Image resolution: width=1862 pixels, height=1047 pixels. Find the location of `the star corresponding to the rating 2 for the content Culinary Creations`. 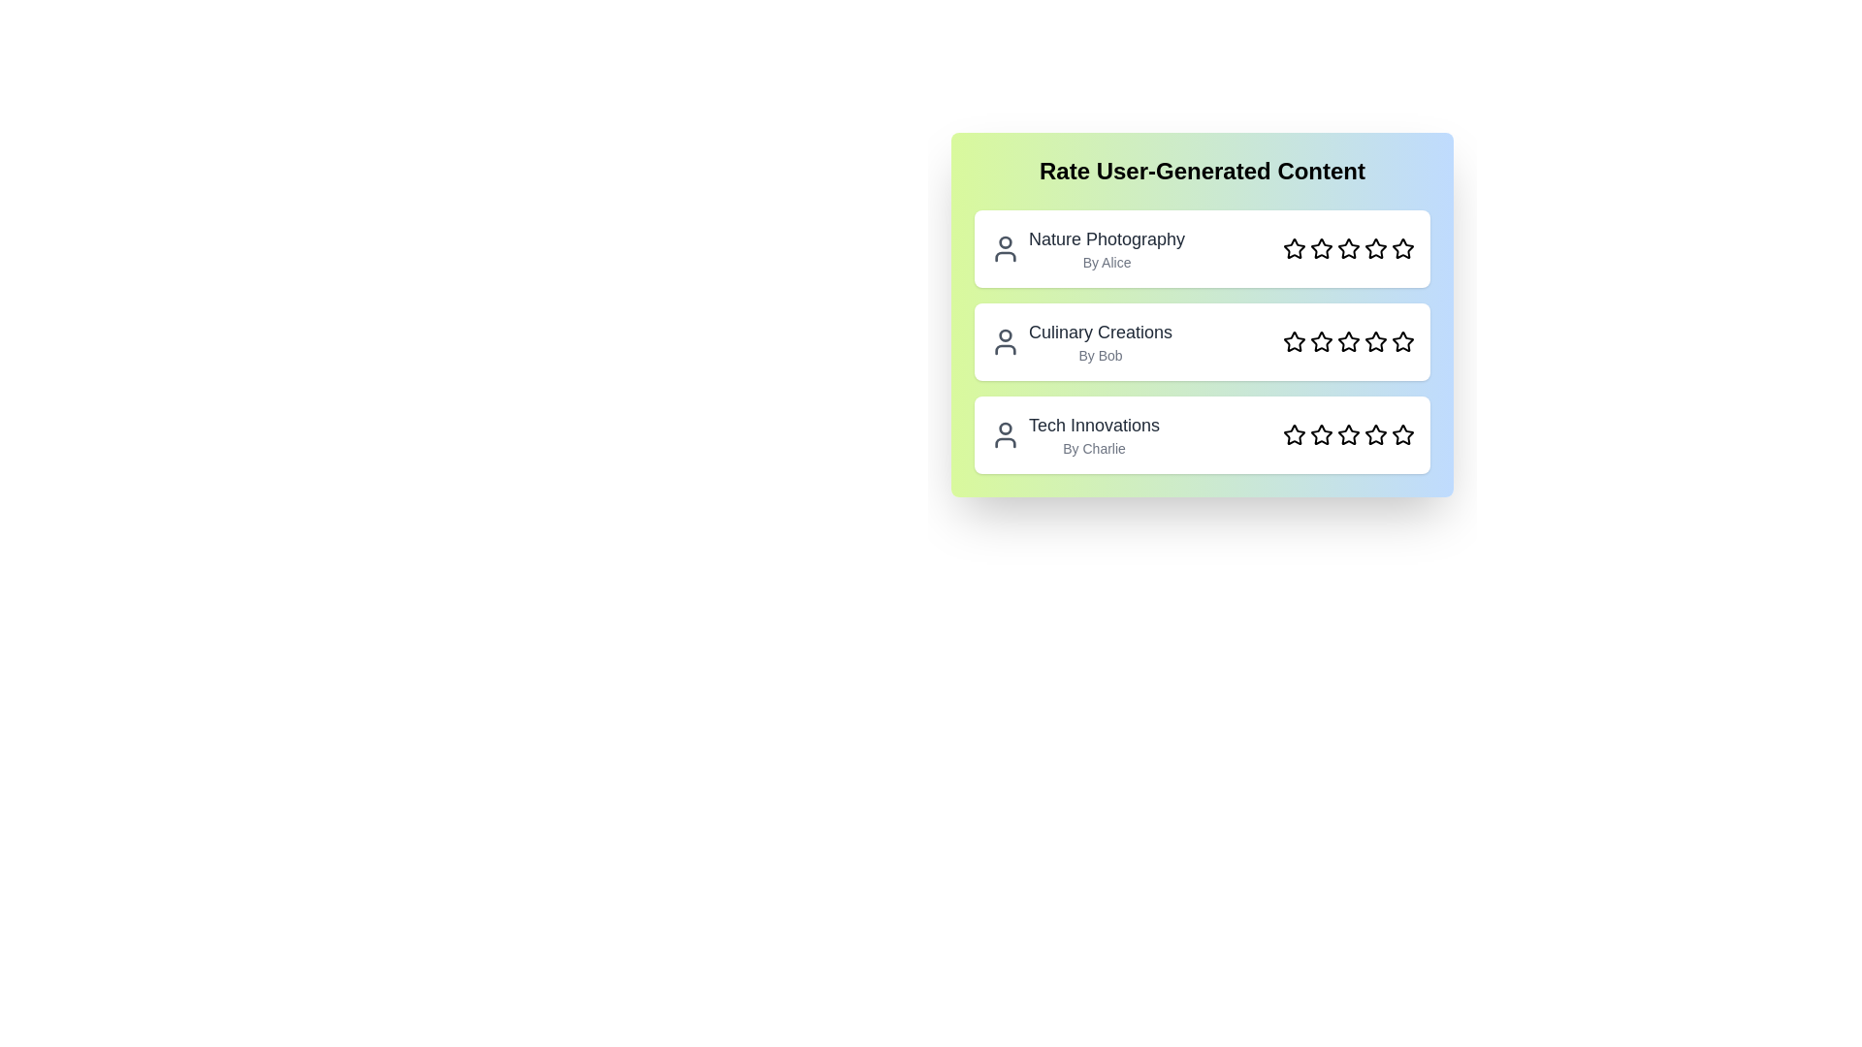

the star corresponding to the rating 2 for the content Culinary Creations is located at coordinates (1321, 341).